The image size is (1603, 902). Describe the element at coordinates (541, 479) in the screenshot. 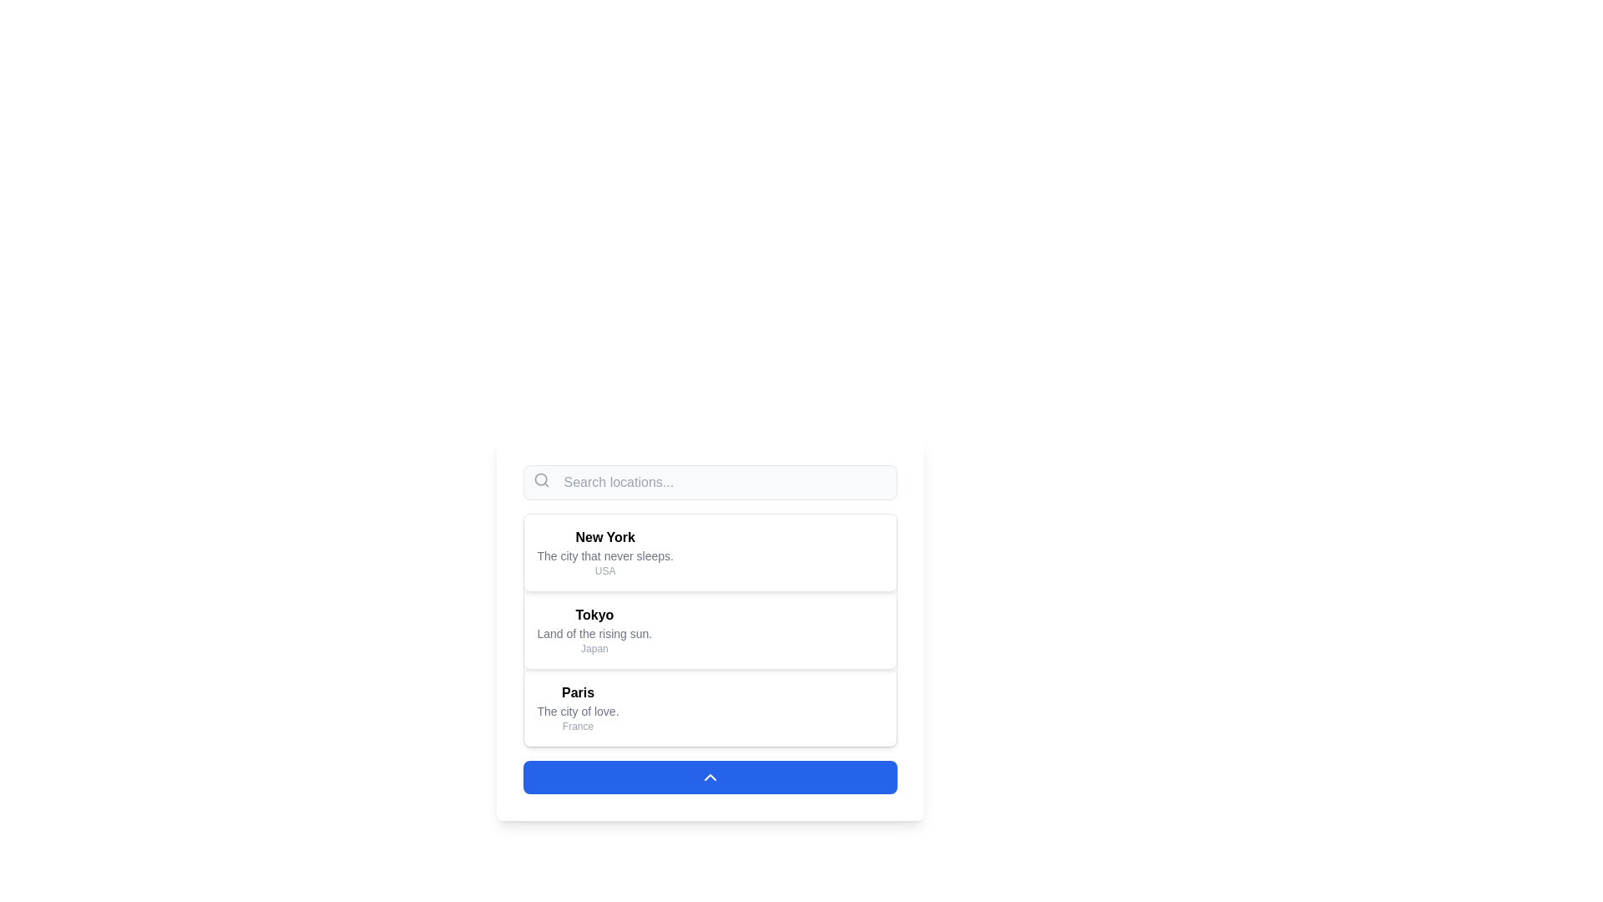

I see `the magnifying glass icon representing the search action located to the left of the search input field` at that location.